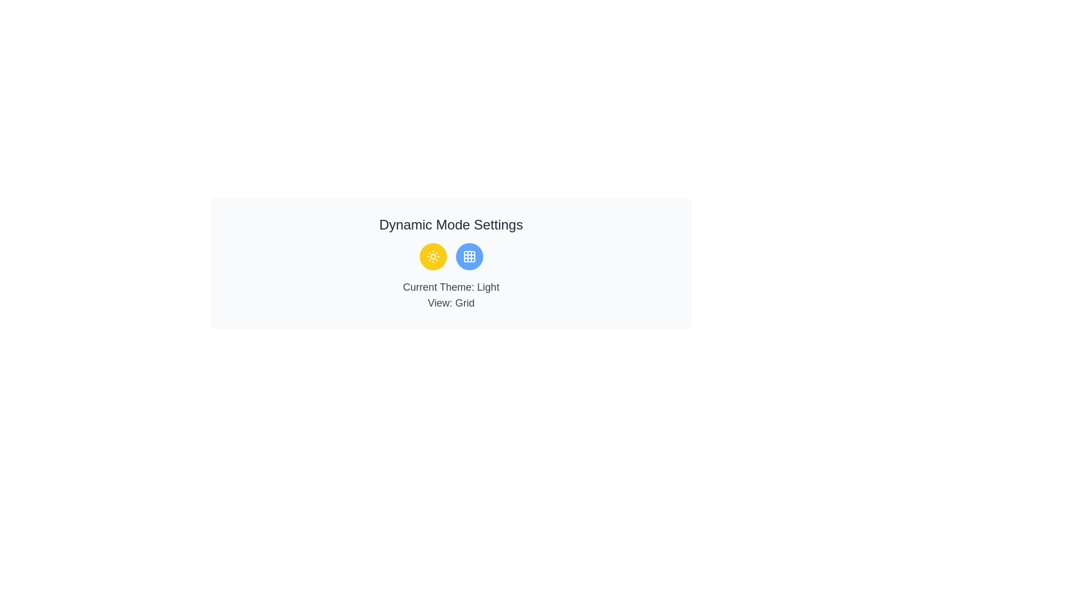 This screenshot has height=612, width=1089. What do you see at coordinates (432, 256) in the screenshot?
I see `the circular button with a yellow background and white sun icon located below the title 'Dynamic Mode Settings'` at bounding box center [432, 256].